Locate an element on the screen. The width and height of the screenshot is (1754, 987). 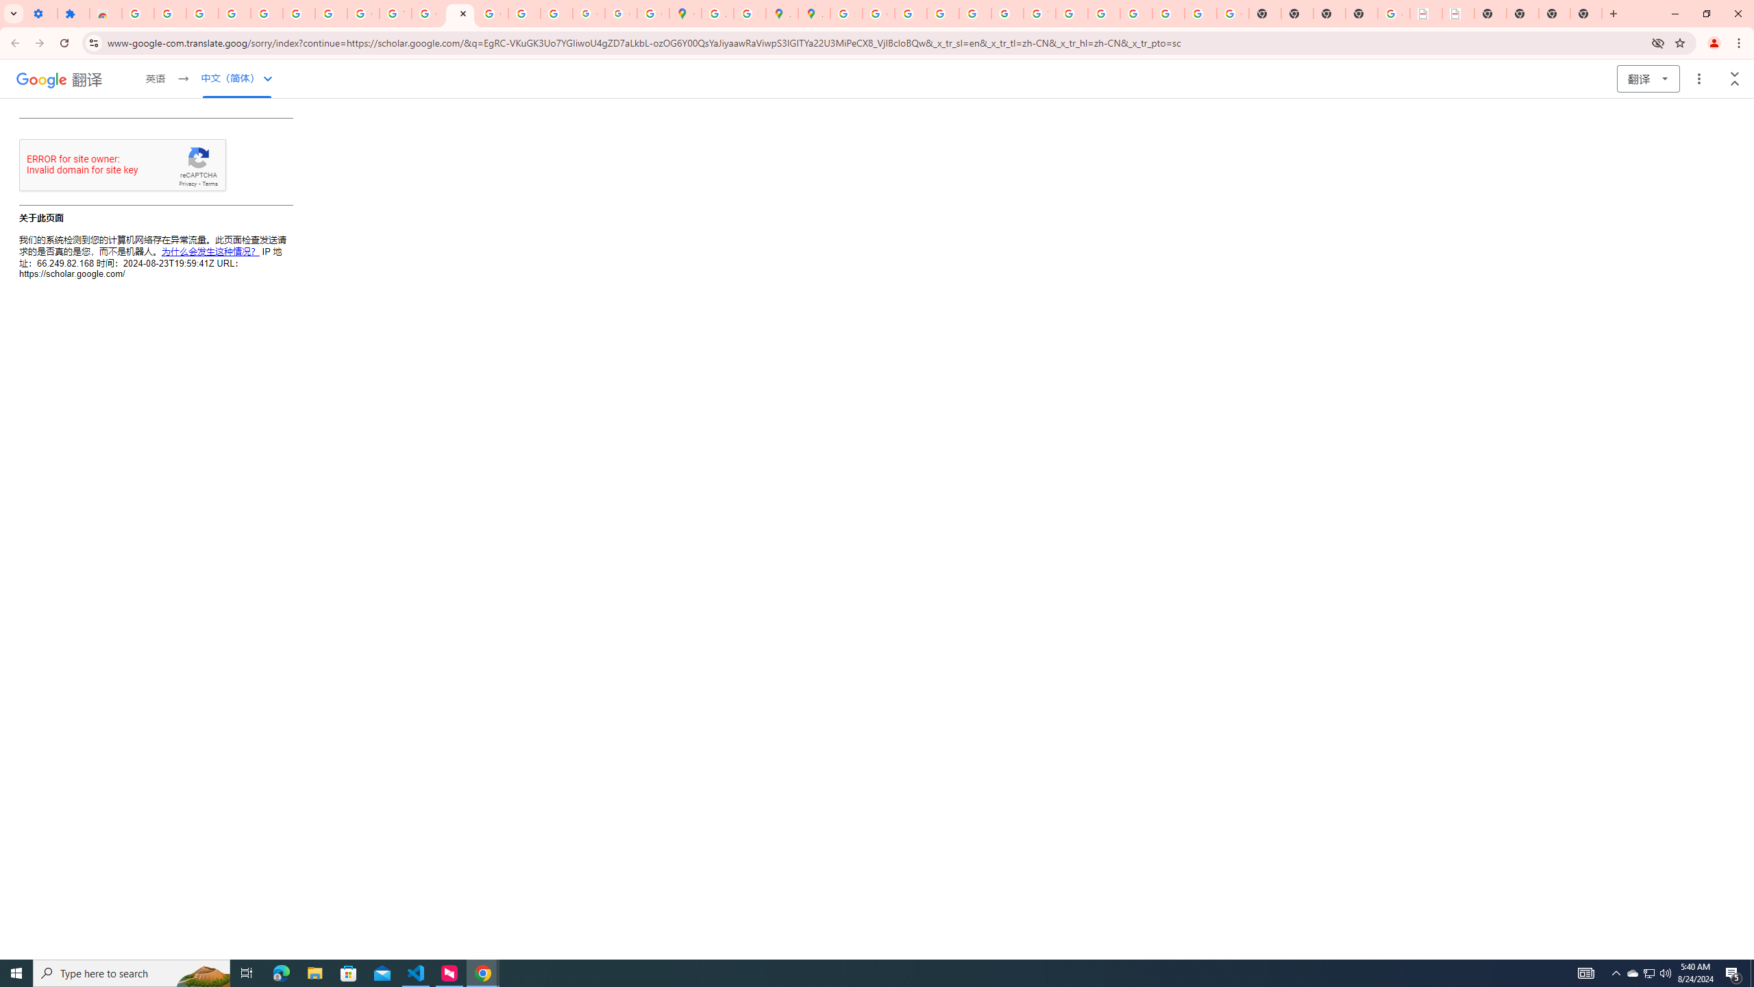
'Google Account' is located at coordinates (363, 13).